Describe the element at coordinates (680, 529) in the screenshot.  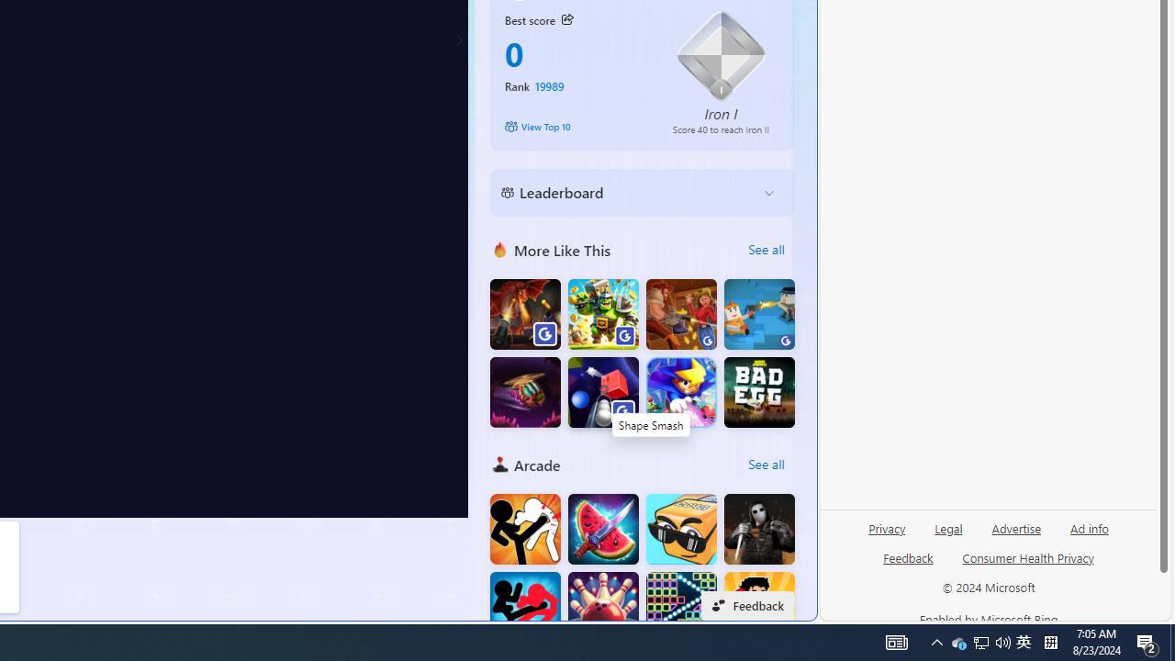
I see `'Cubes2048'` at that location.